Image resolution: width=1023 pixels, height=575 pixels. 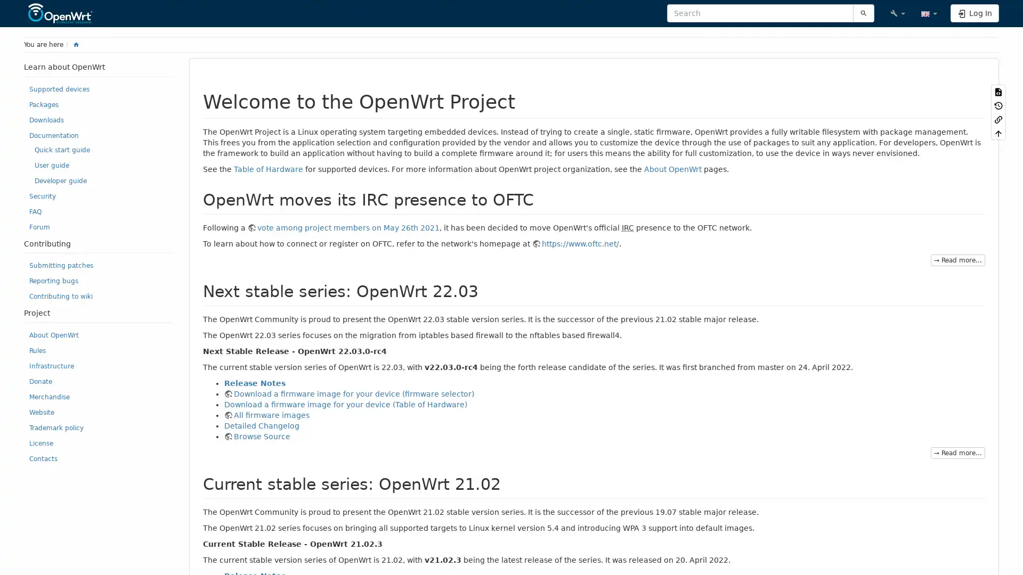 I want to click on Search, so click(x=863, y=13).